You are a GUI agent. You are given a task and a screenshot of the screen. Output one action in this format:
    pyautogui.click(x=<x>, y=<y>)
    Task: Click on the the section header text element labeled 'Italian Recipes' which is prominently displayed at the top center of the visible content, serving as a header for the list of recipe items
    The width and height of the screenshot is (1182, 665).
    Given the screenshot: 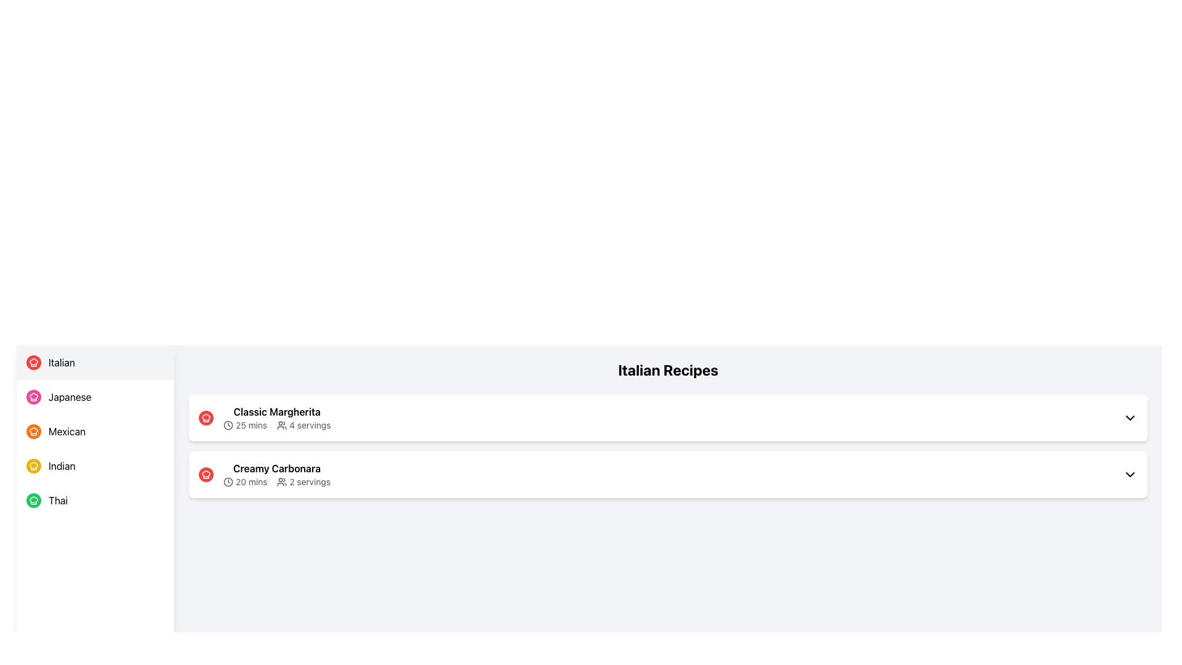 What is the action you would take?
    pyautogui.click(x=667, y=369)
    